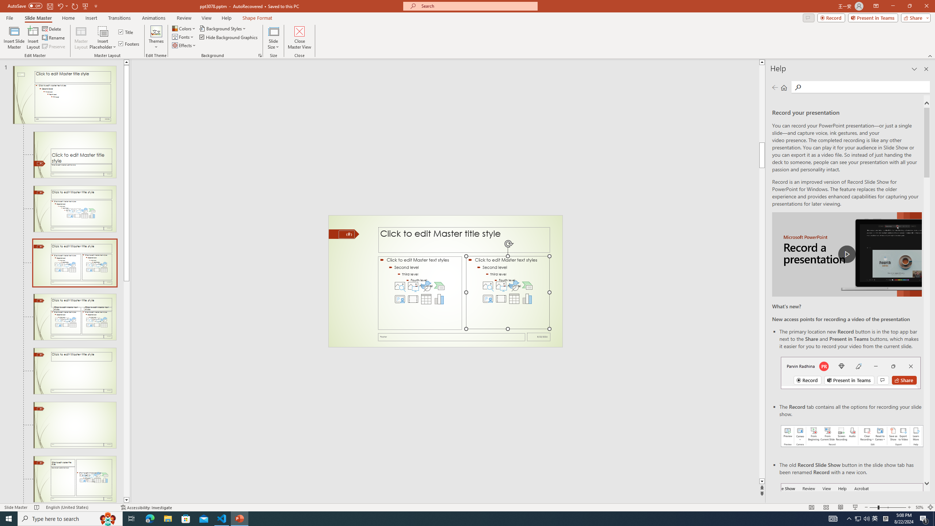  I want to click on 'Title TextBox', so click(464, 240).